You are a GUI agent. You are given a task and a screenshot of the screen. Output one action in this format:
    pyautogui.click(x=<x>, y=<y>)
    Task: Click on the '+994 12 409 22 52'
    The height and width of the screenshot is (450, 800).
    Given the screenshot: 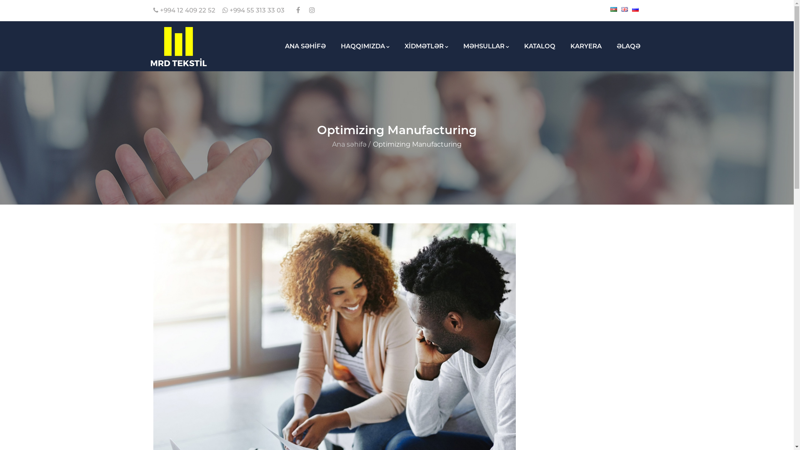 What is the action you would take?
    pyautogui.click(x=153, y=10)
    